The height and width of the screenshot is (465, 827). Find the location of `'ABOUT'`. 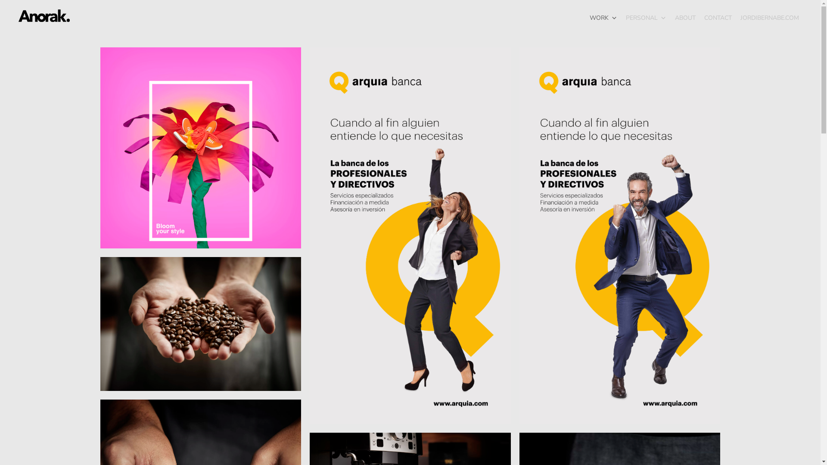

'ABOUT' is located at coordinates (684, 18).